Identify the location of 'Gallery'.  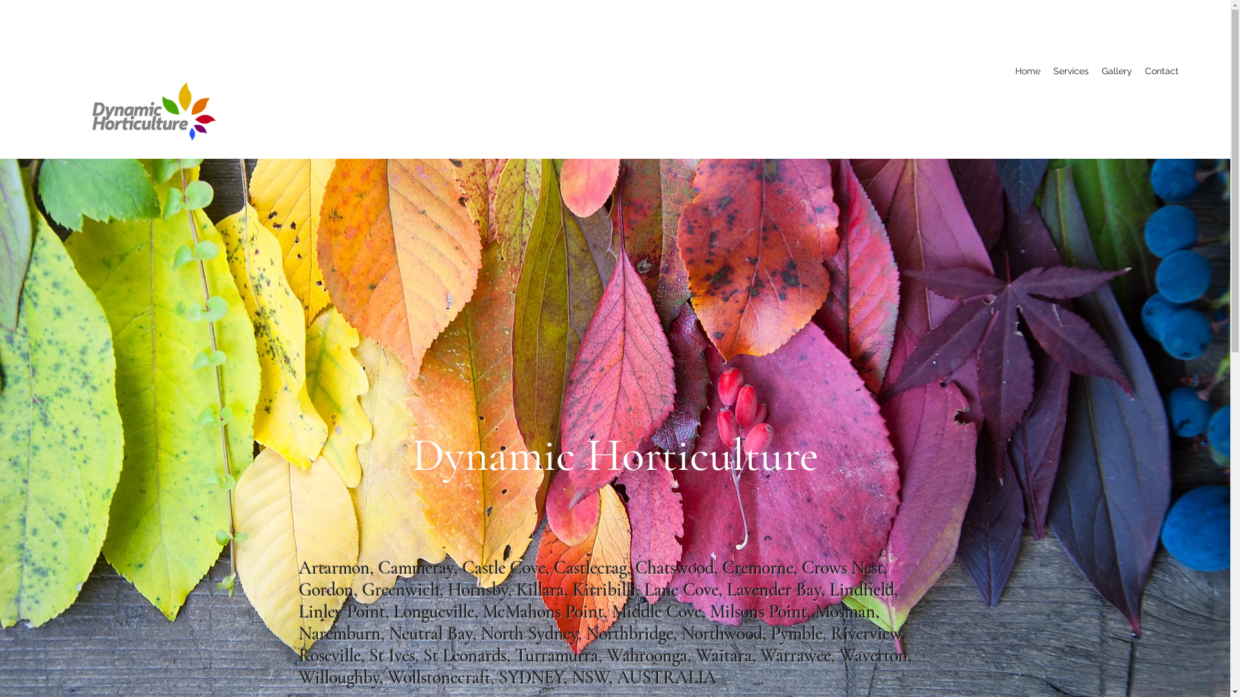
(1116, 71).